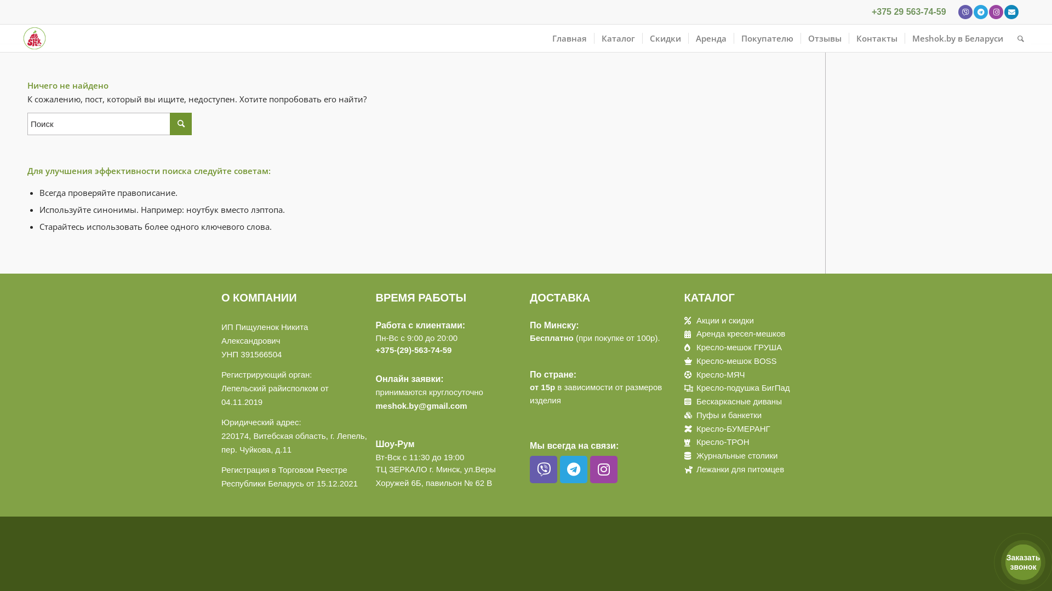  What do you see at coordinates (34, 37) in the screenshot?
I see `'logo'` at bounding box center [34, 37].